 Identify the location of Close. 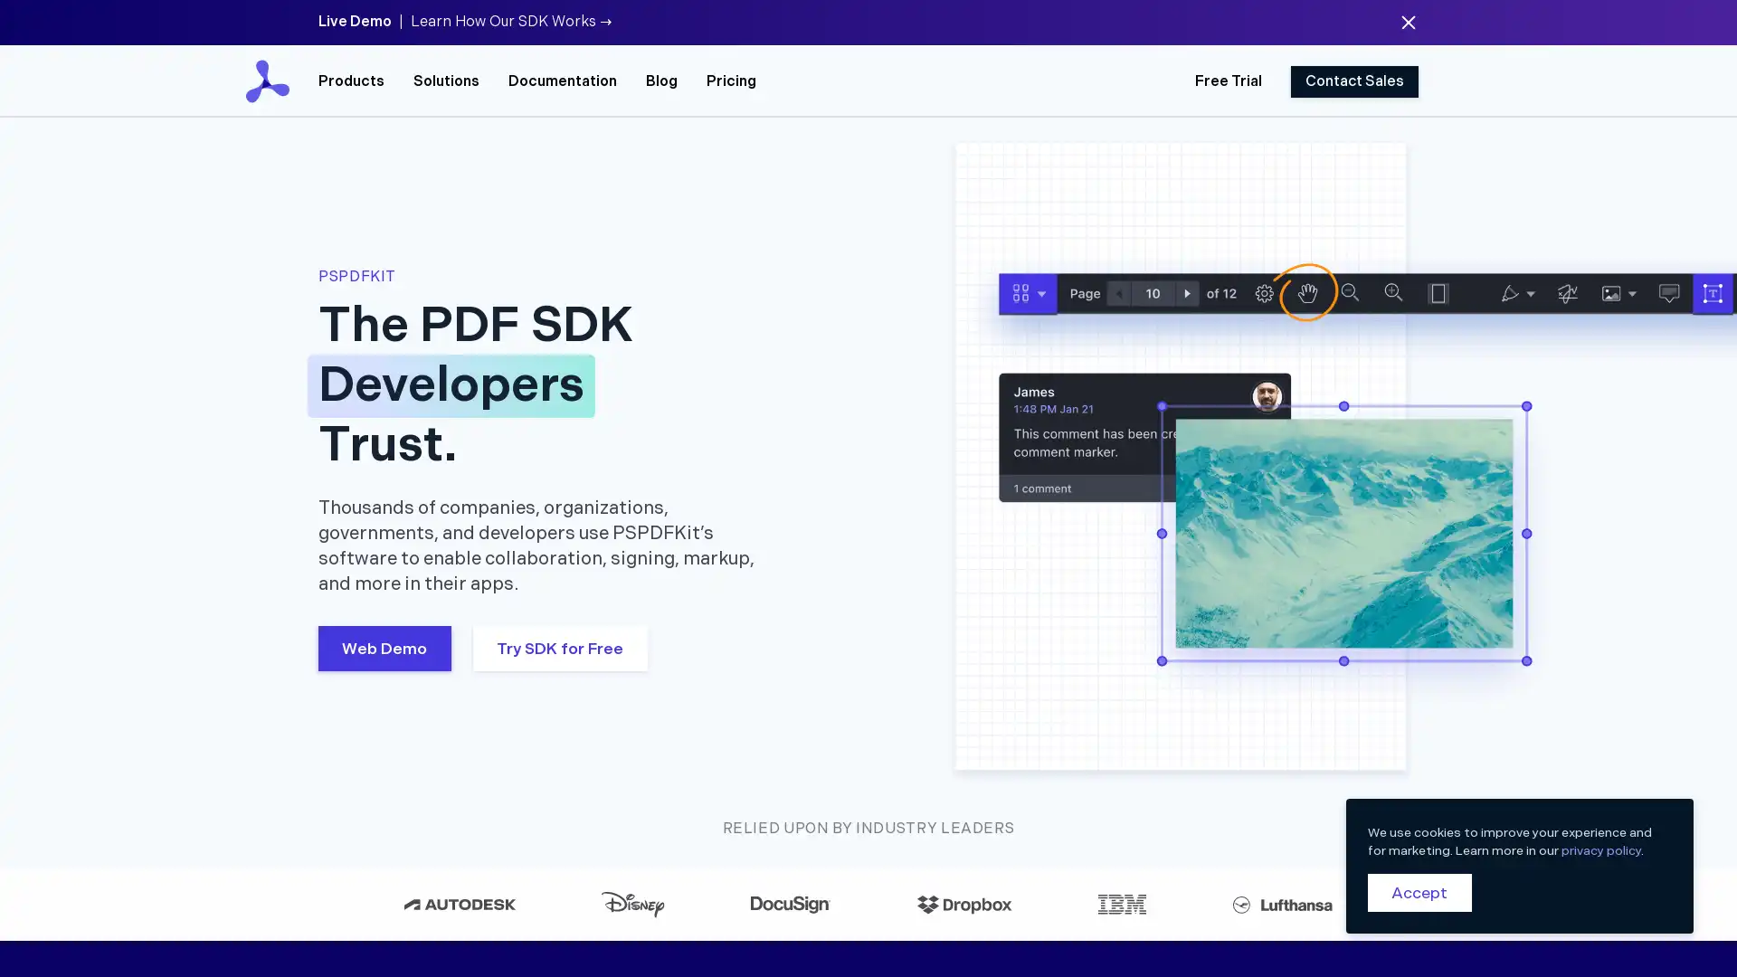
(1402, 87).